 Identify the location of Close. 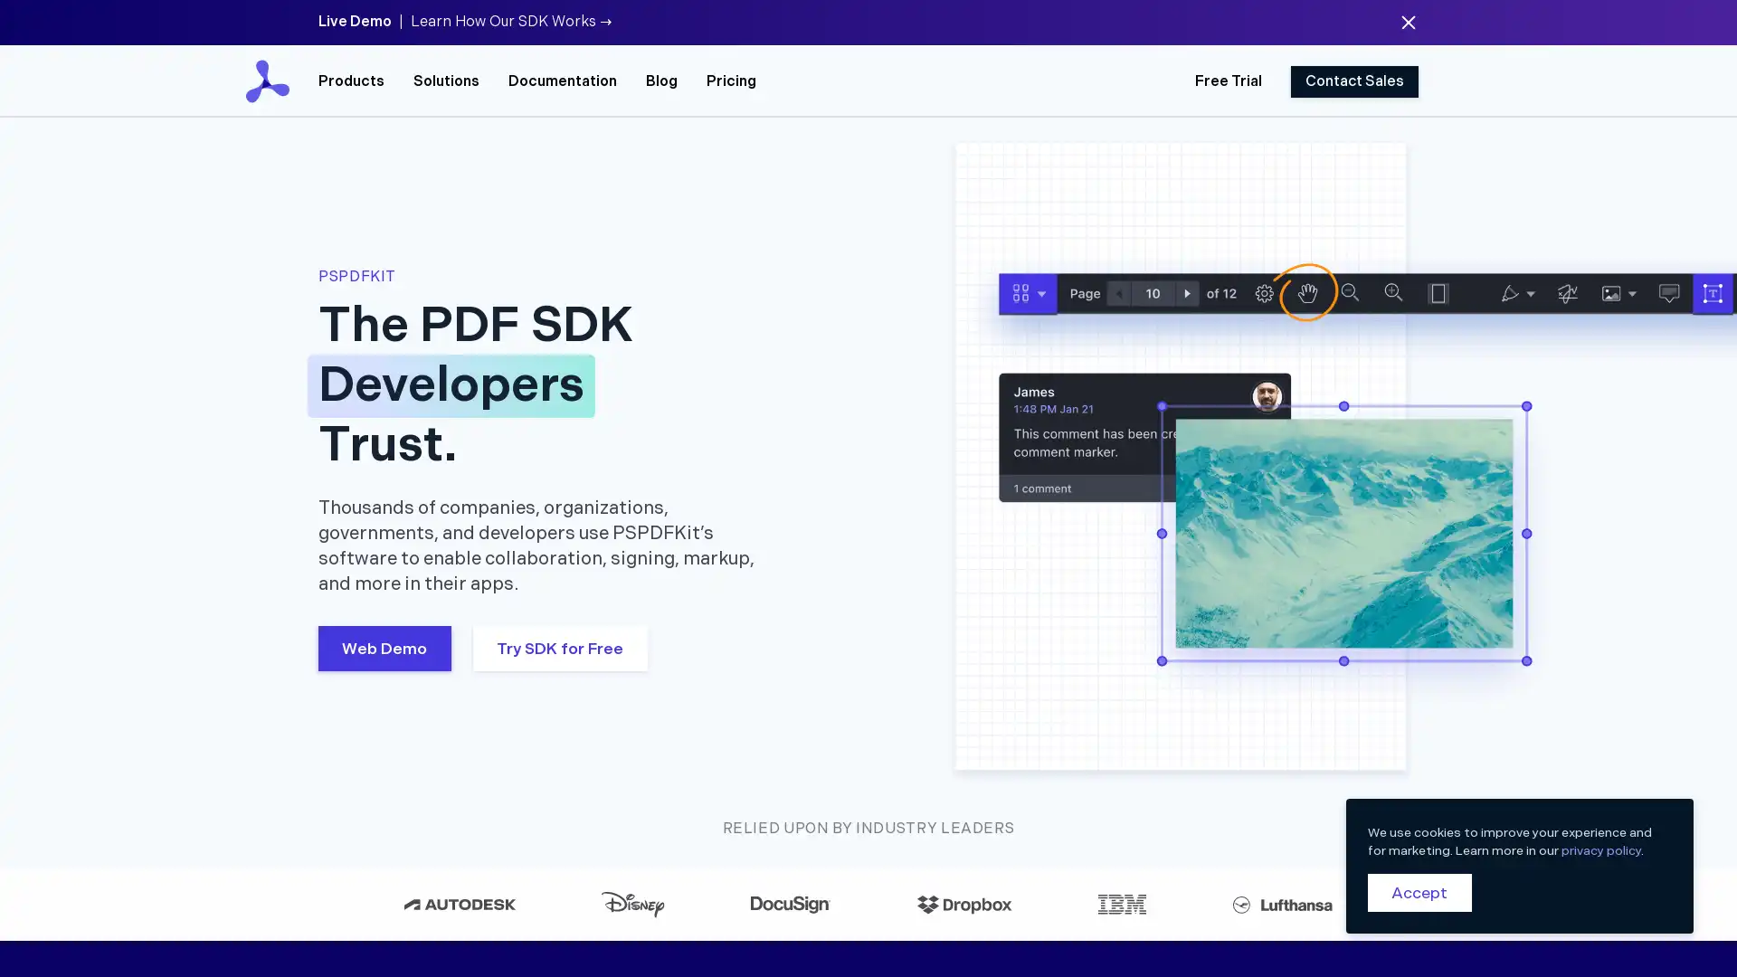
(1402, 87).